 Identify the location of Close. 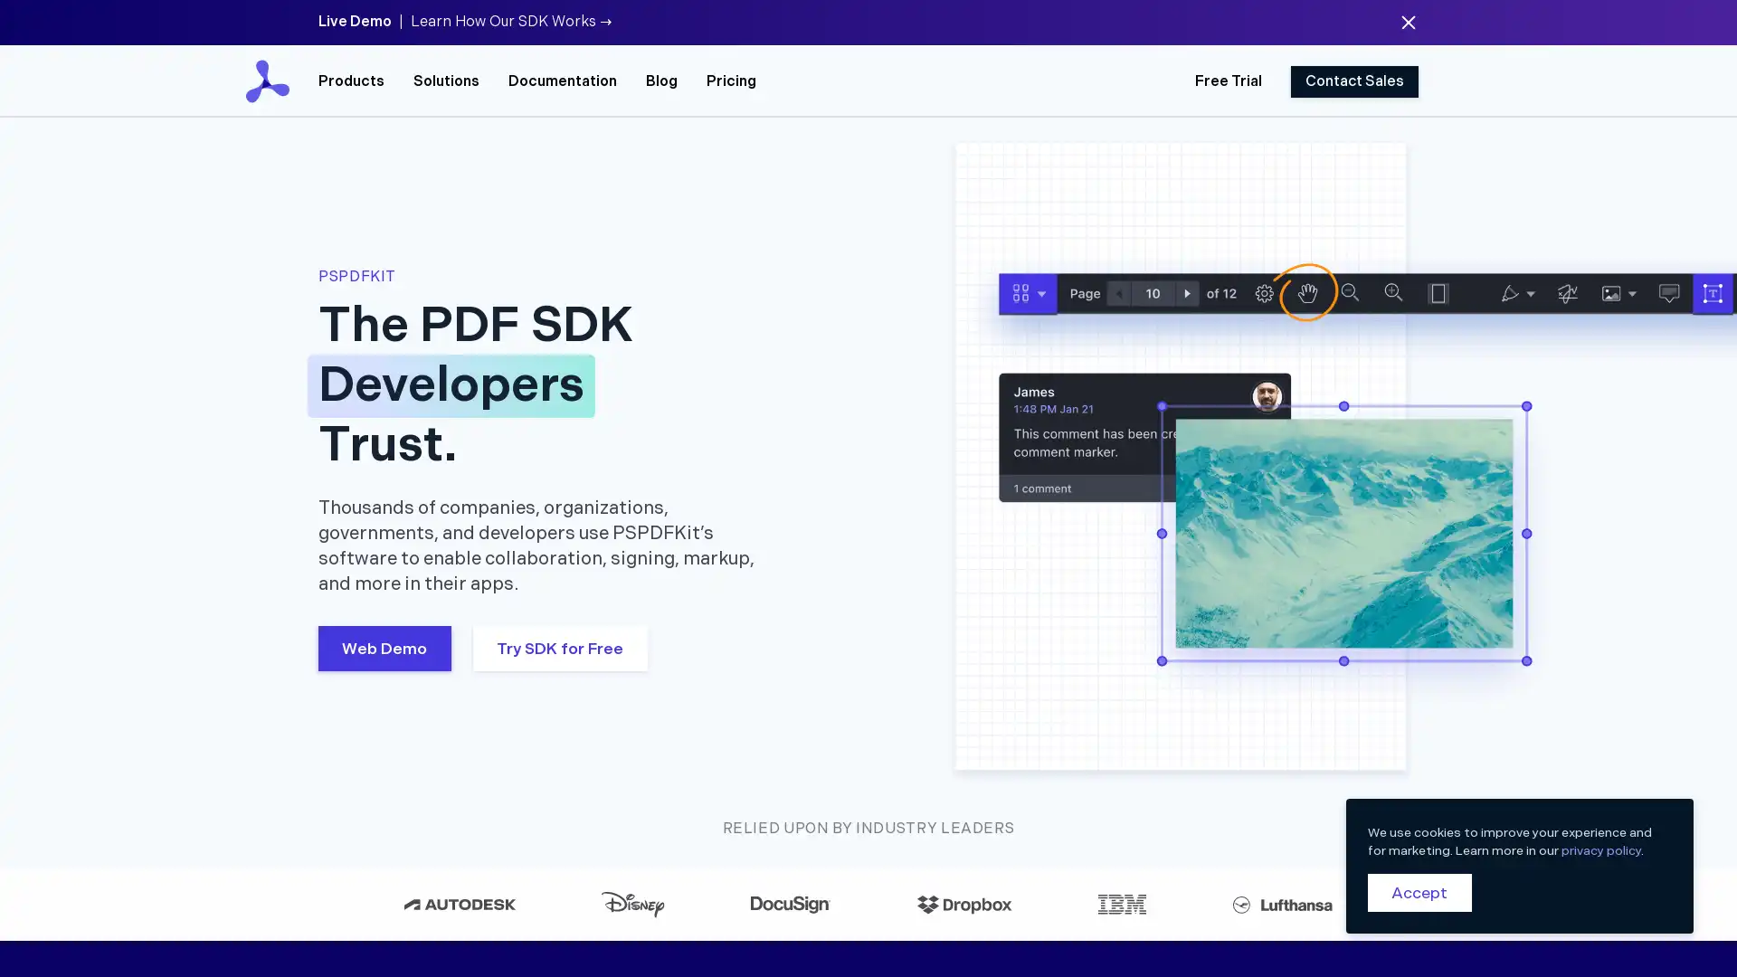
(1402, 87).